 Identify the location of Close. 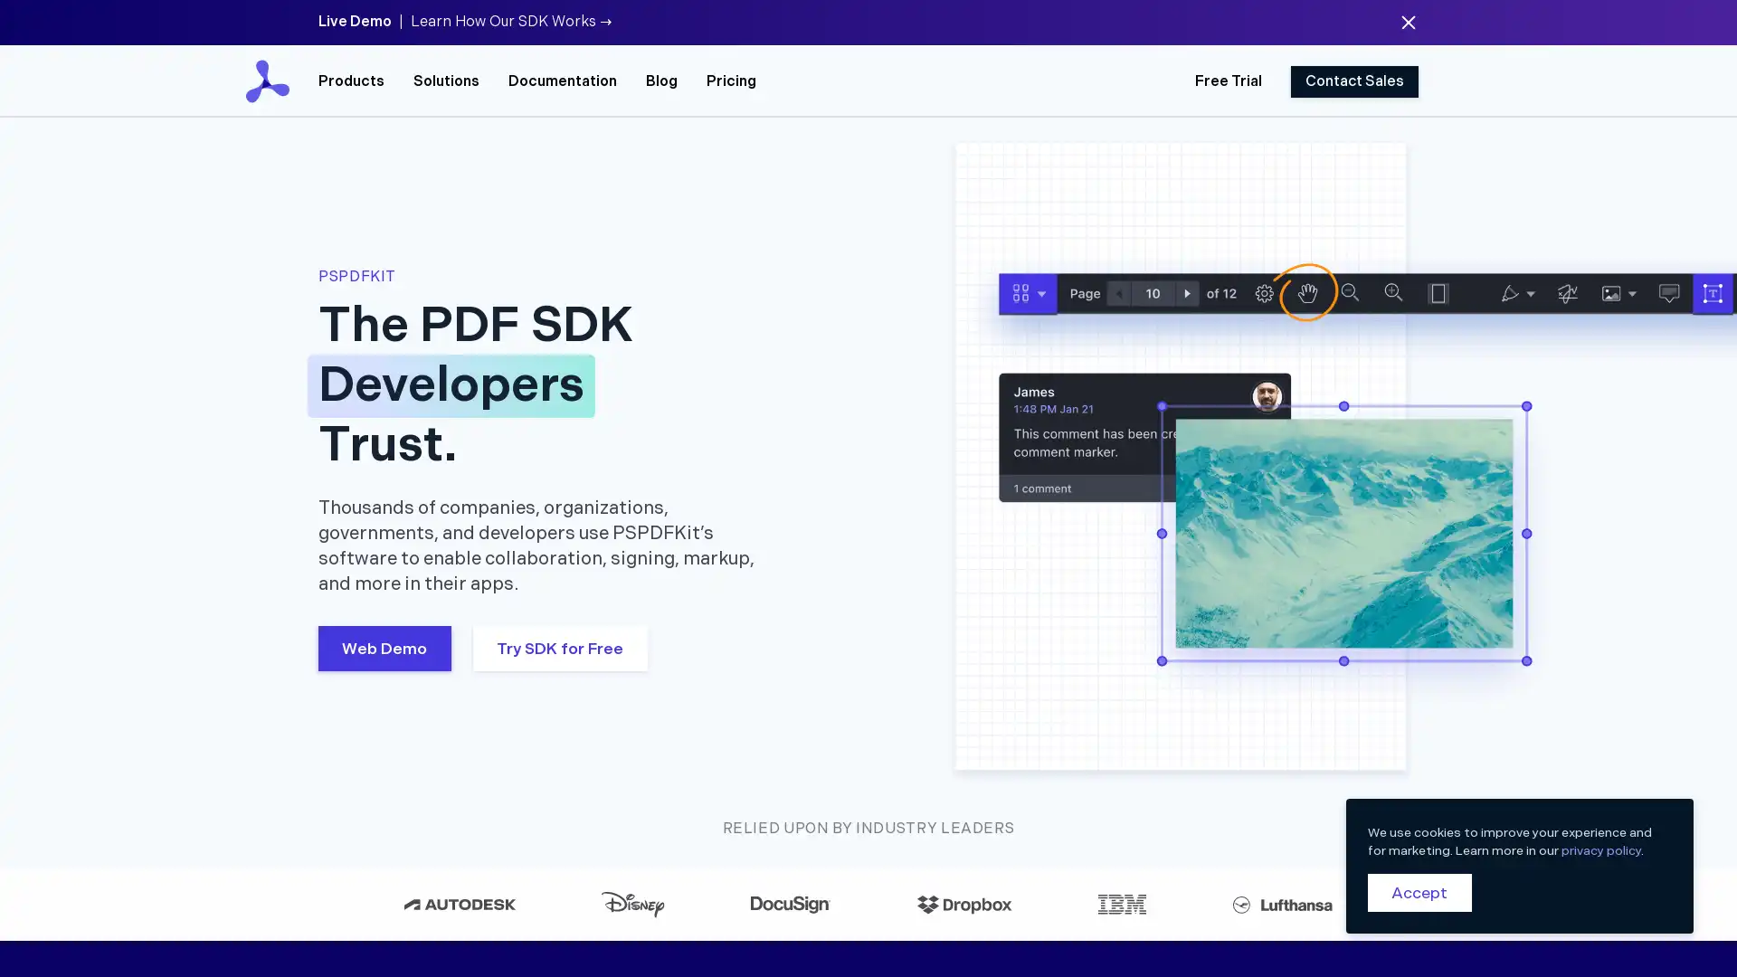
(1402, 87).